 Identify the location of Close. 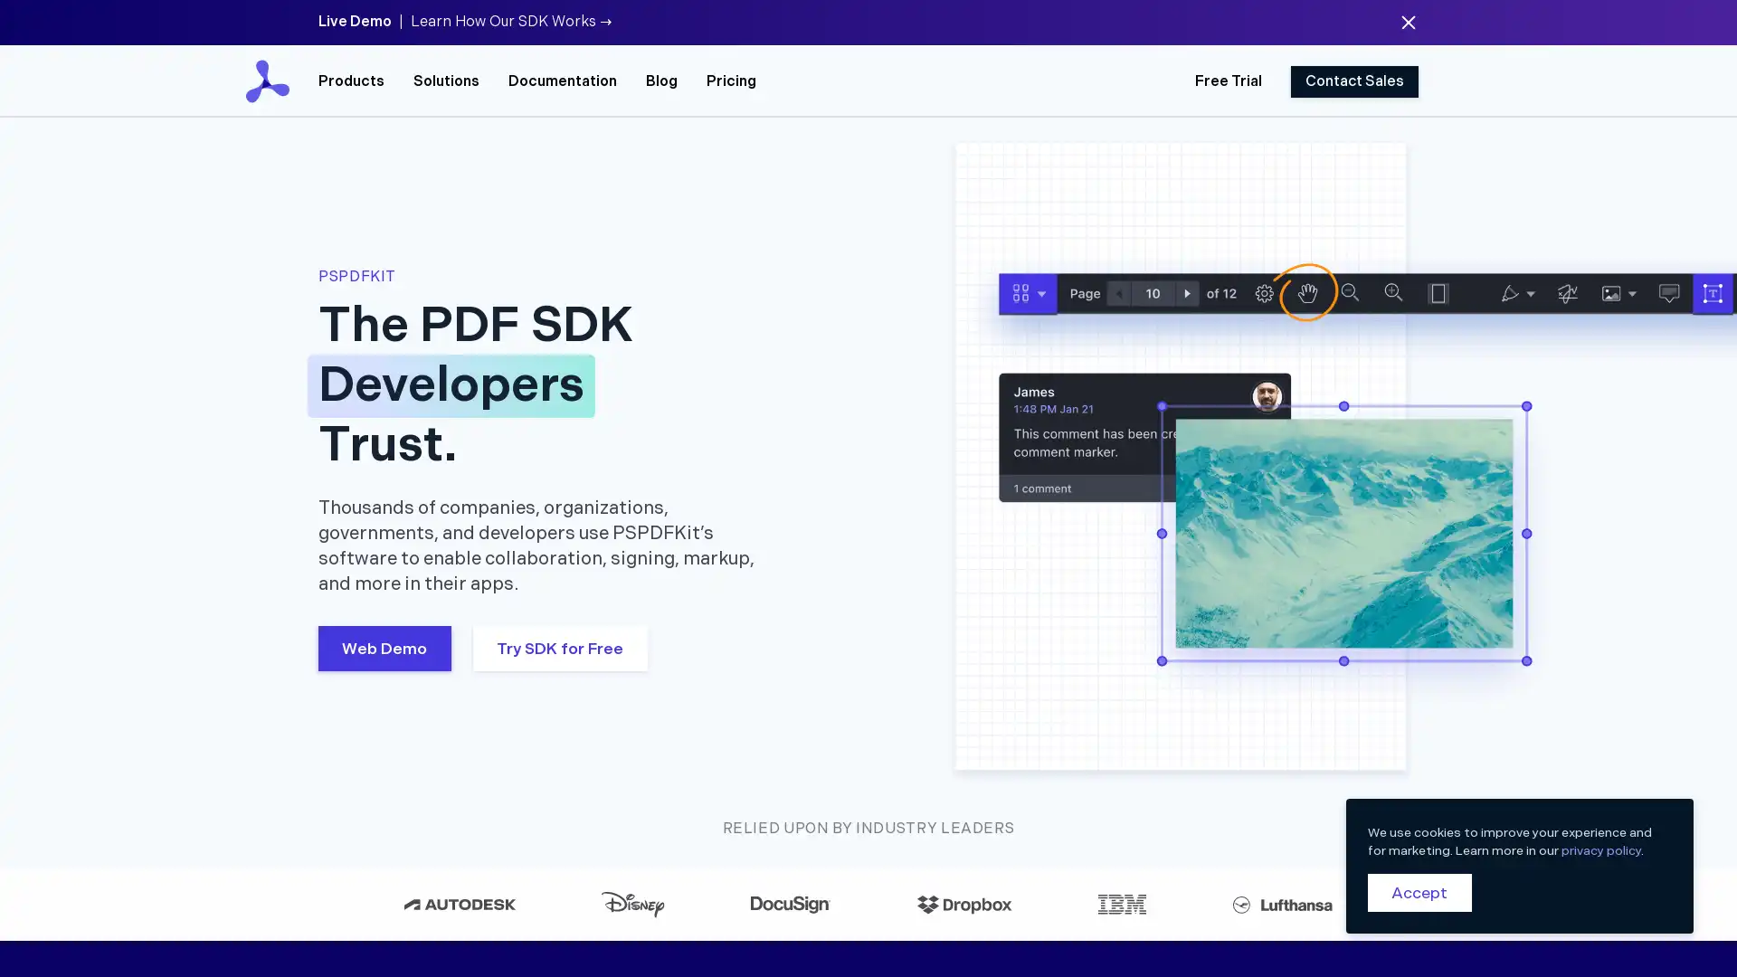
(1402, 87).